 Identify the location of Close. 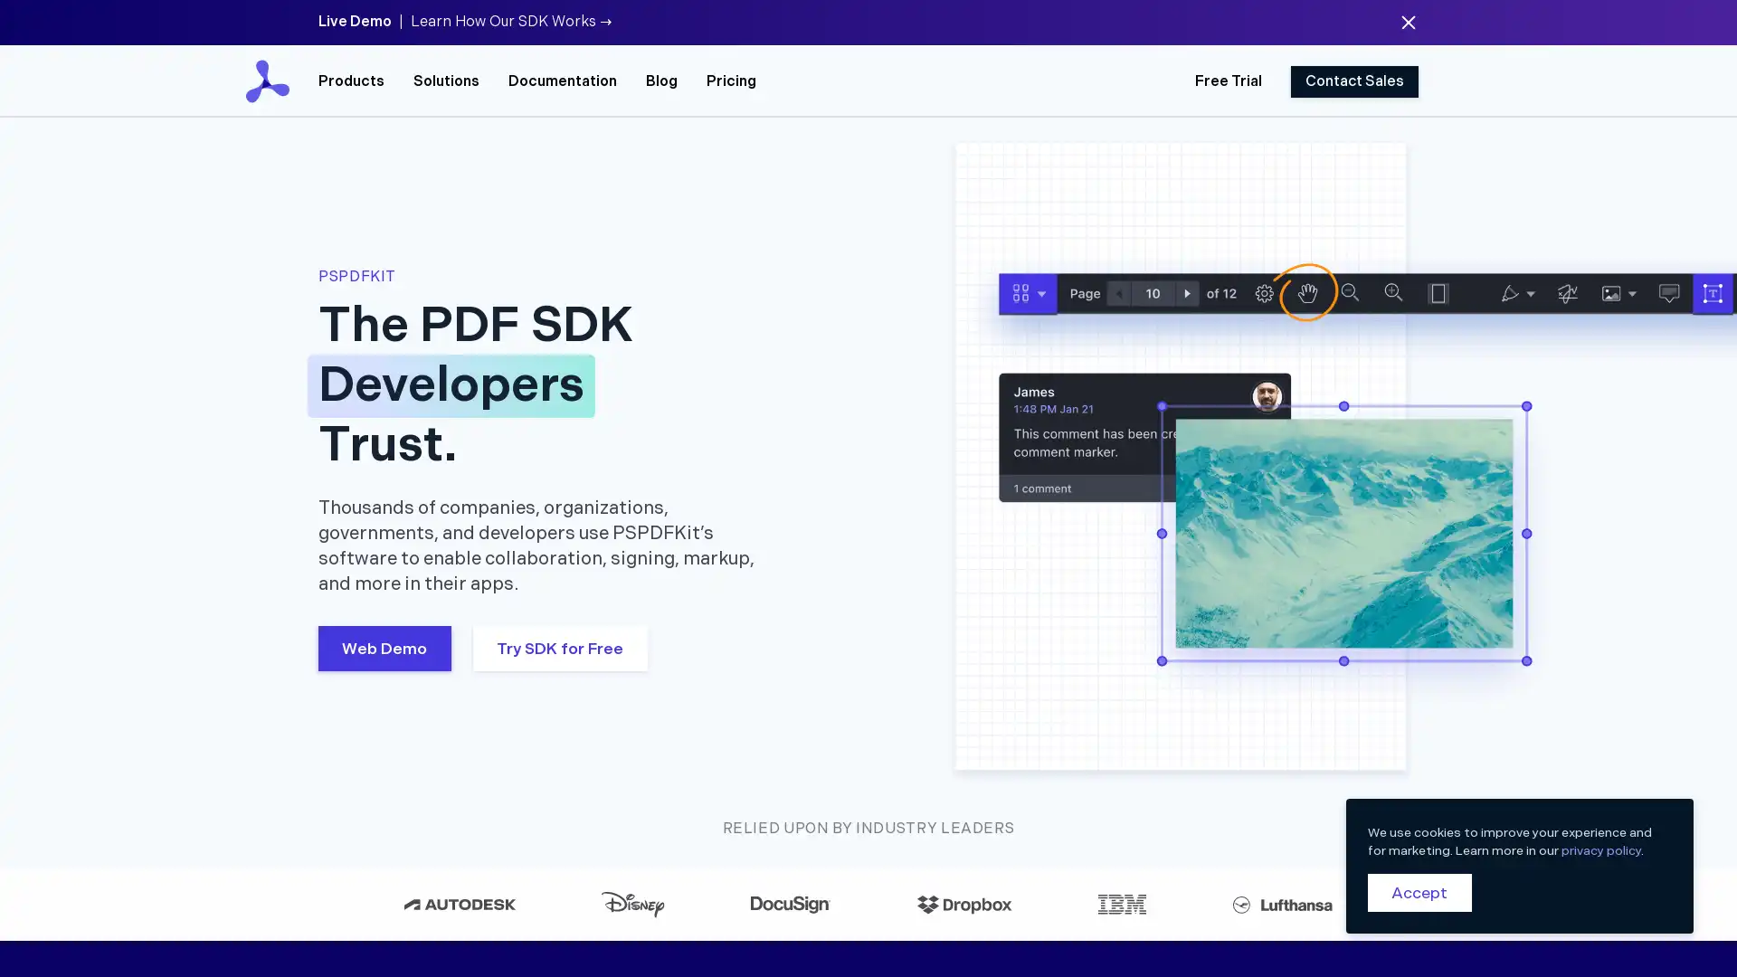
(1402, 87).